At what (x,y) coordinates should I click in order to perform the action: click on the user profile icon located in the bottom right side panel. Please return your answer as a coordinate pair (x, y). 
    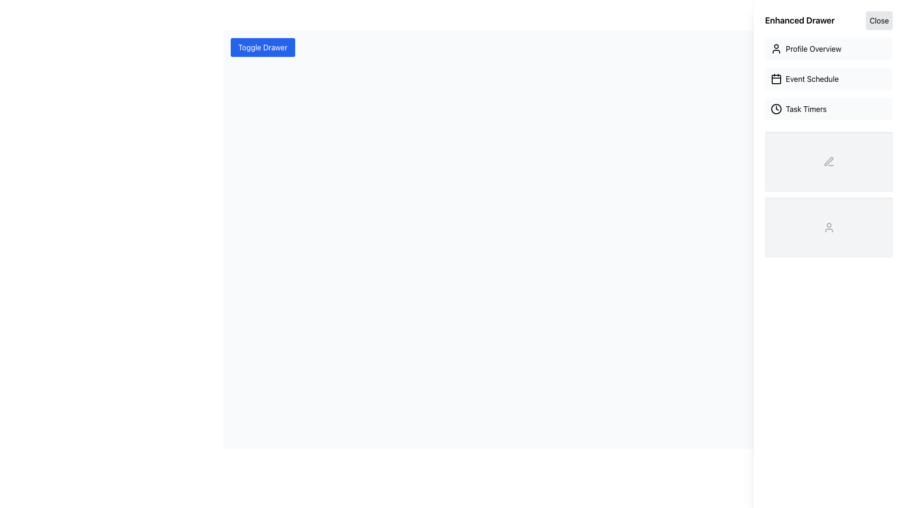
    Looking at the image, I should click on (829, 227).